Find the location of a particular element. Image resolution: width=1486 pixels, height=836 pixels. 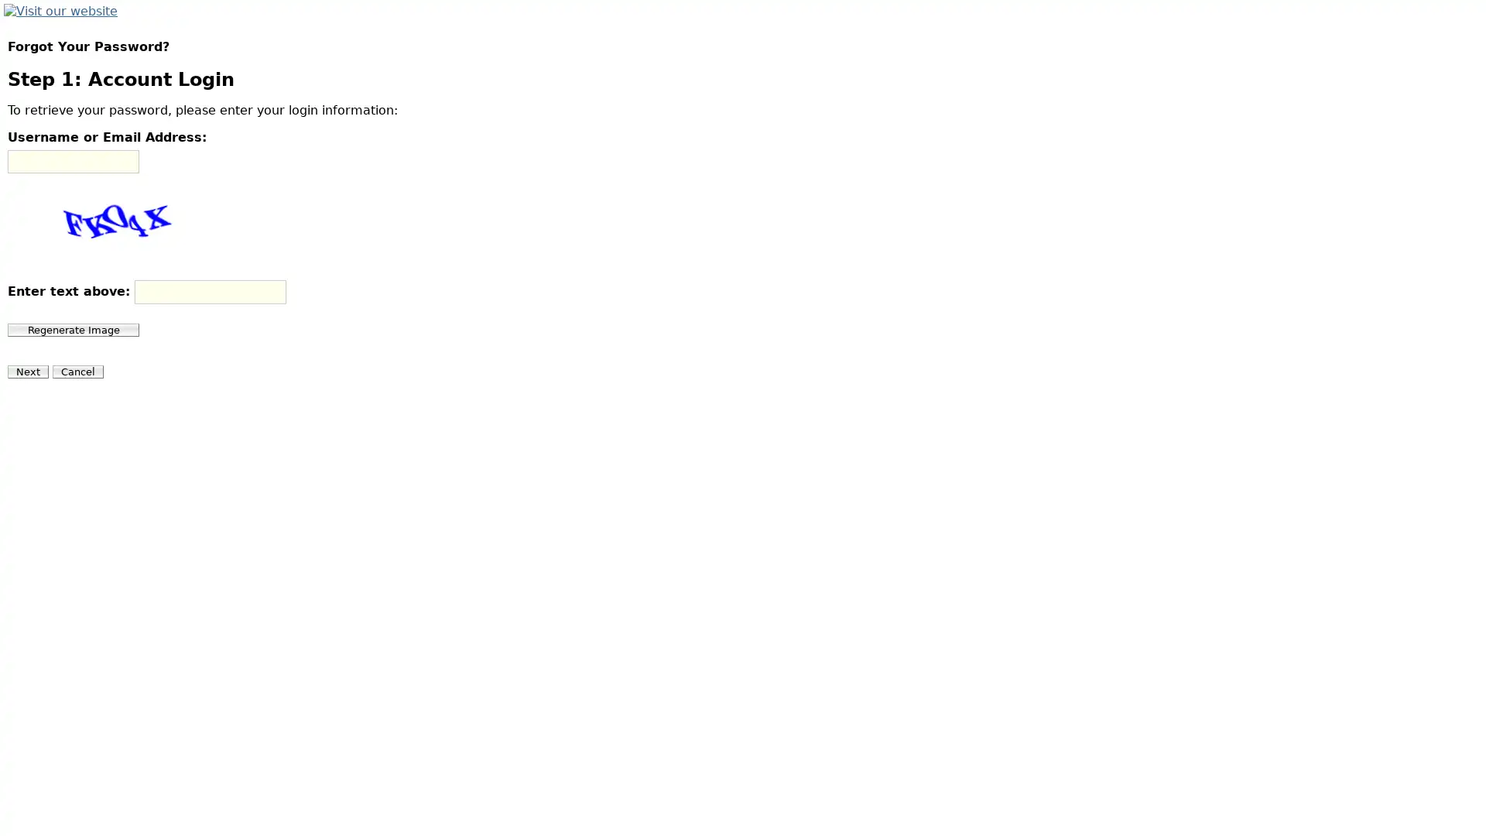

Cancel is located at coordinates (77, 372).